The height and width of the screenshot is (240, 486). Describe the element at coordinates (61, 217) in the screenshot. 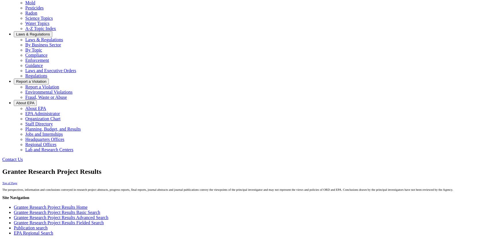

I see `'Grantee Research Project Results Advanced Search'` at that location.